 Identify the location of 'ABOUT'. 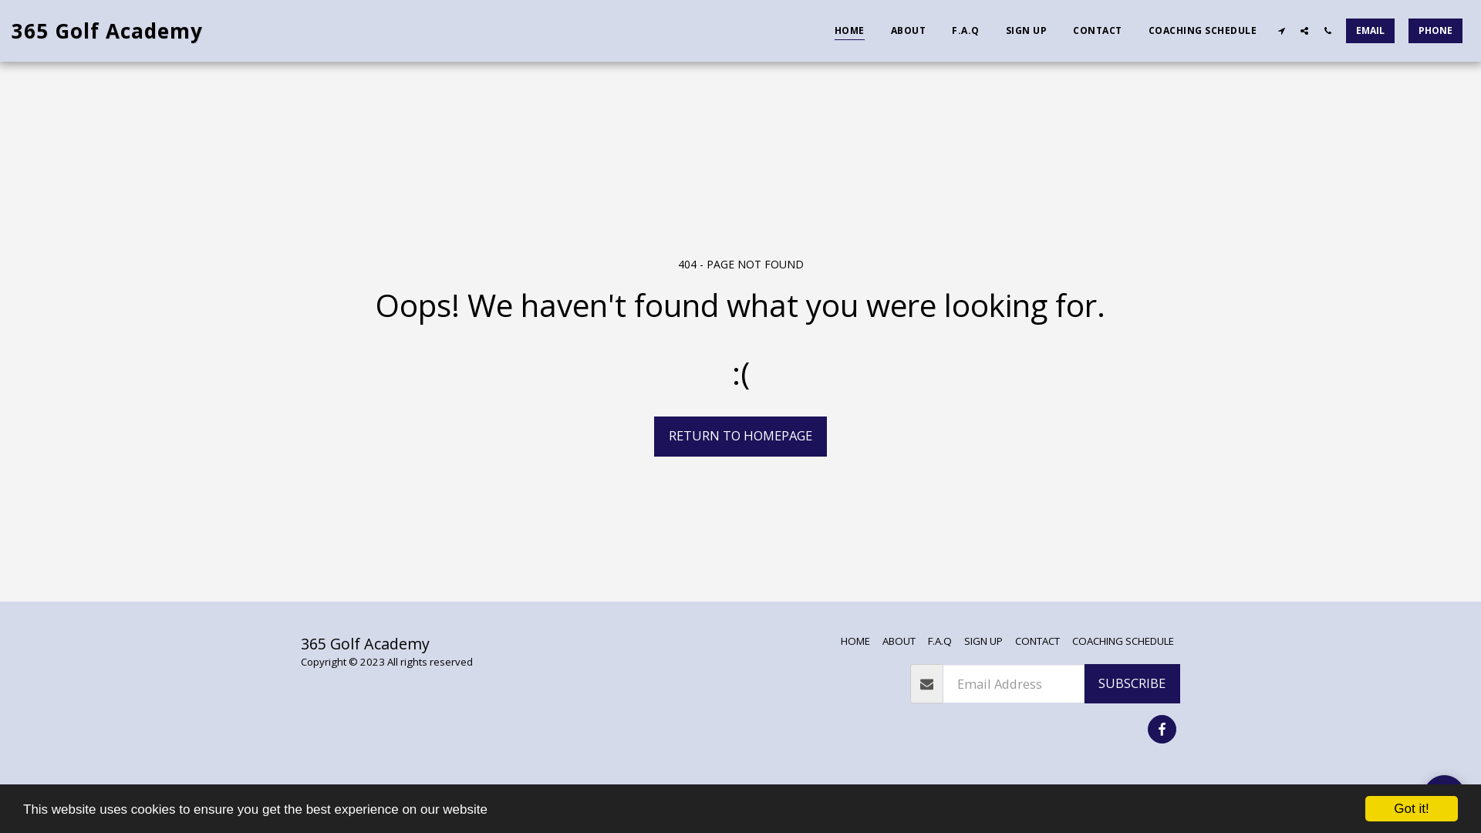
(899, 640).